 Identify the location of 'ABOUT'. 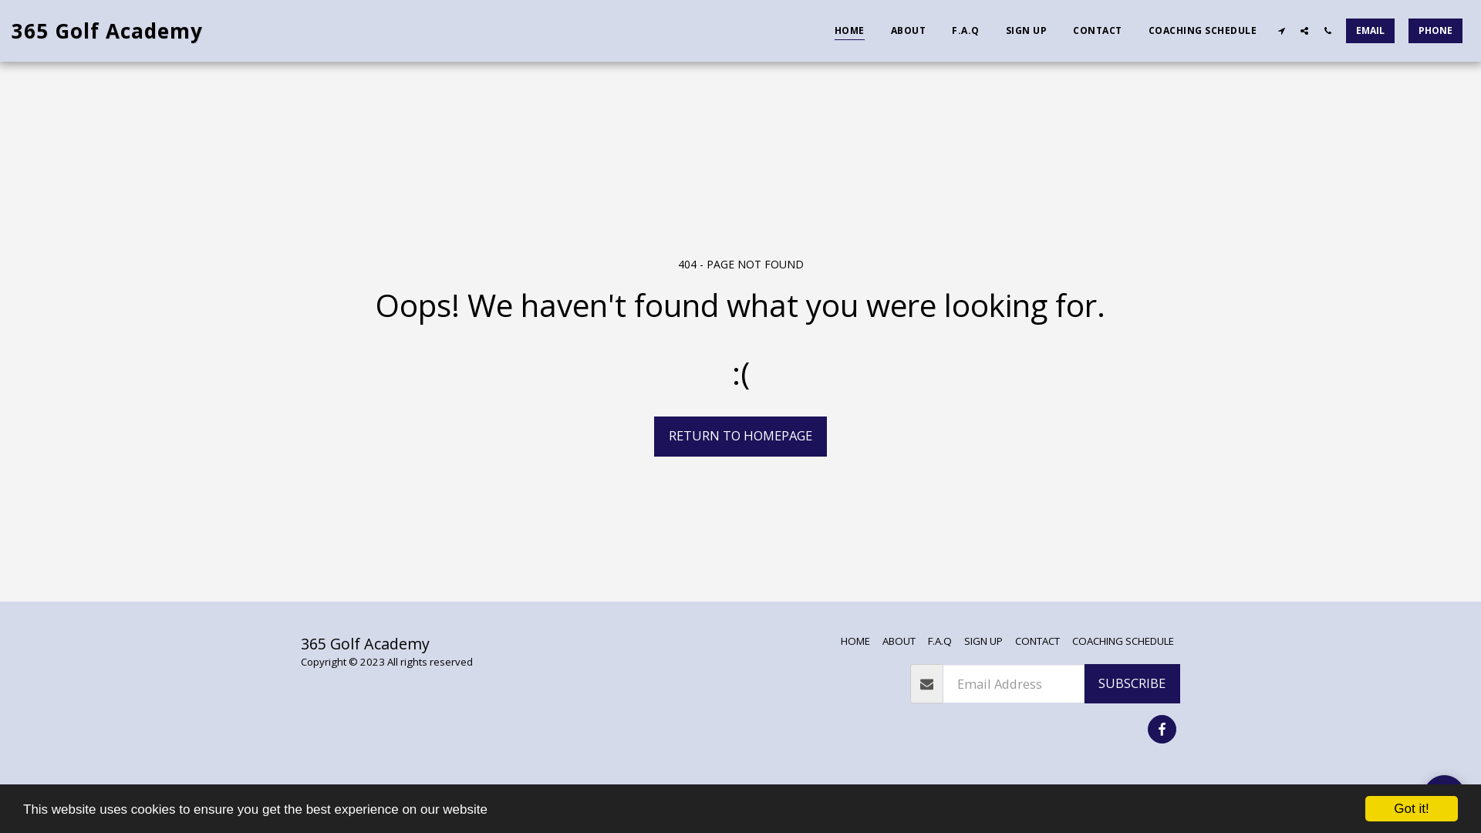
(899, 640).